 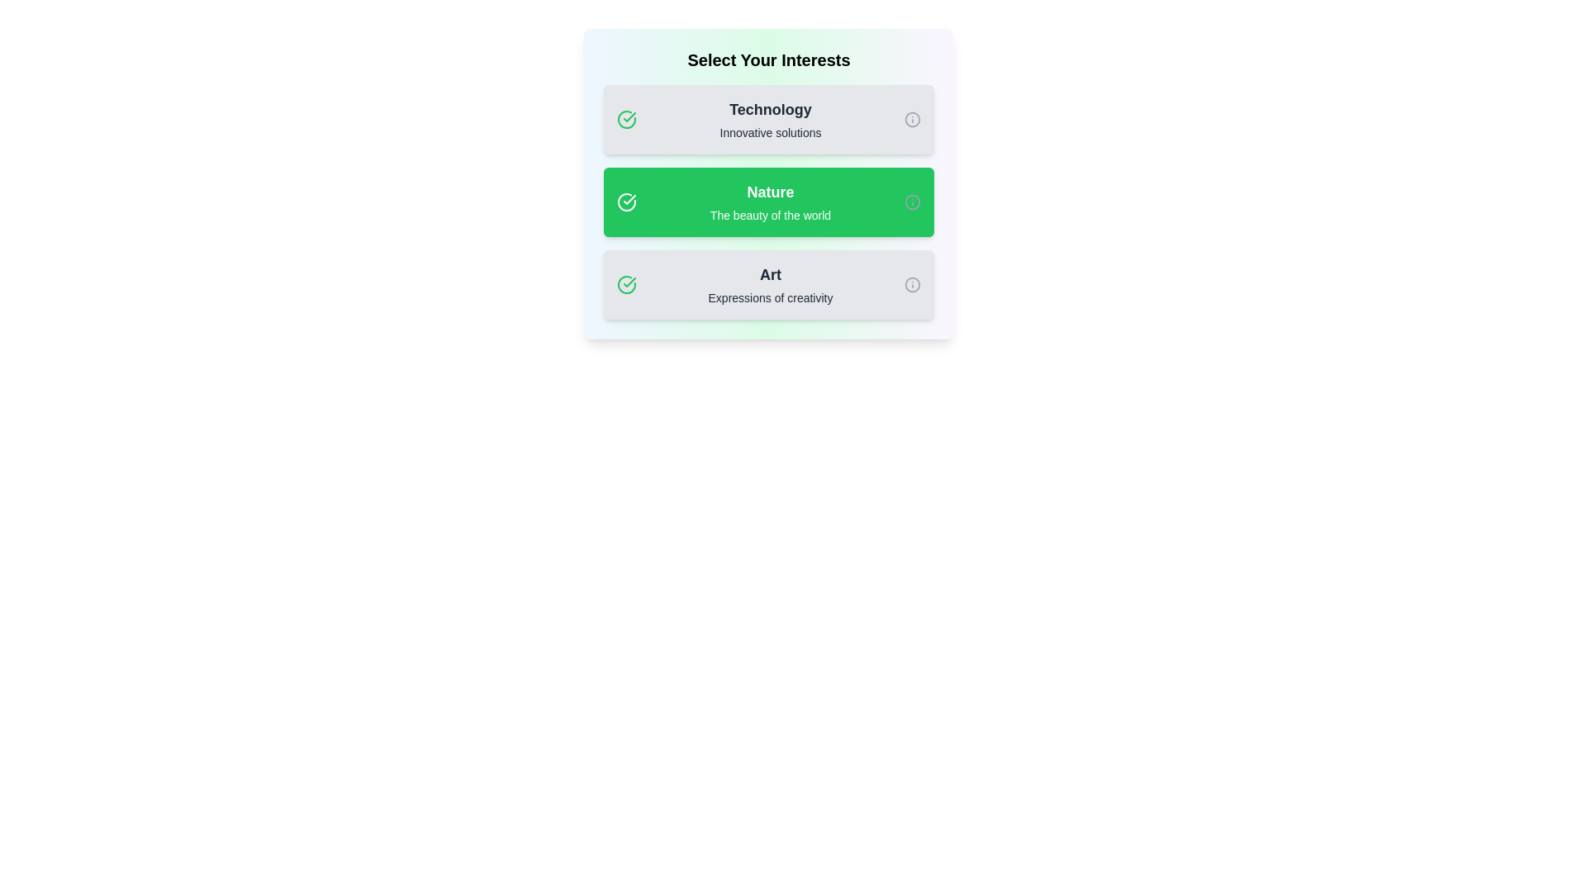 What do you see at coordinates (768, 283) in the screenshot?
I see `the tag labeled Art` at bounding box center [768, 283].